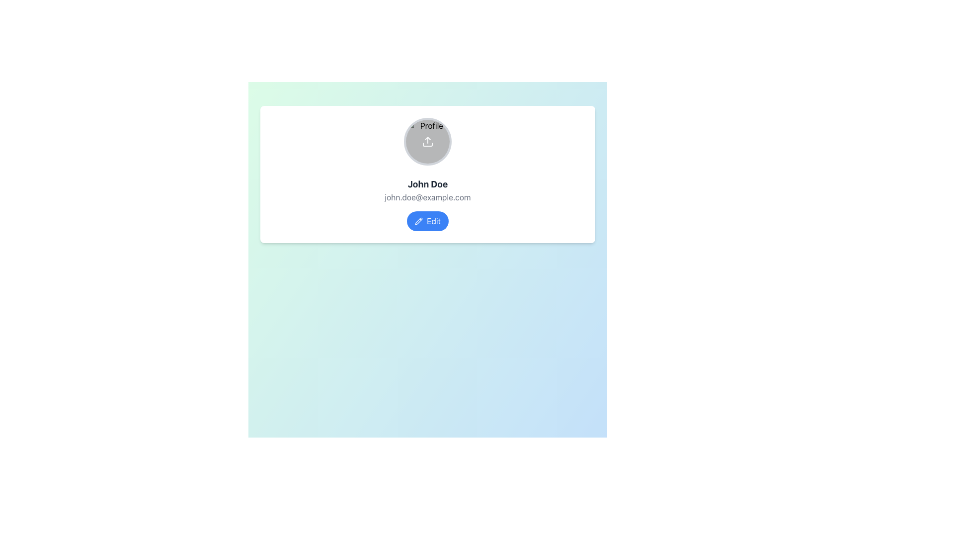 The image size is (954, 537). I want to click on the 'Edit' button which contains a pencil-shaped icon on its left, so click(419, 220).